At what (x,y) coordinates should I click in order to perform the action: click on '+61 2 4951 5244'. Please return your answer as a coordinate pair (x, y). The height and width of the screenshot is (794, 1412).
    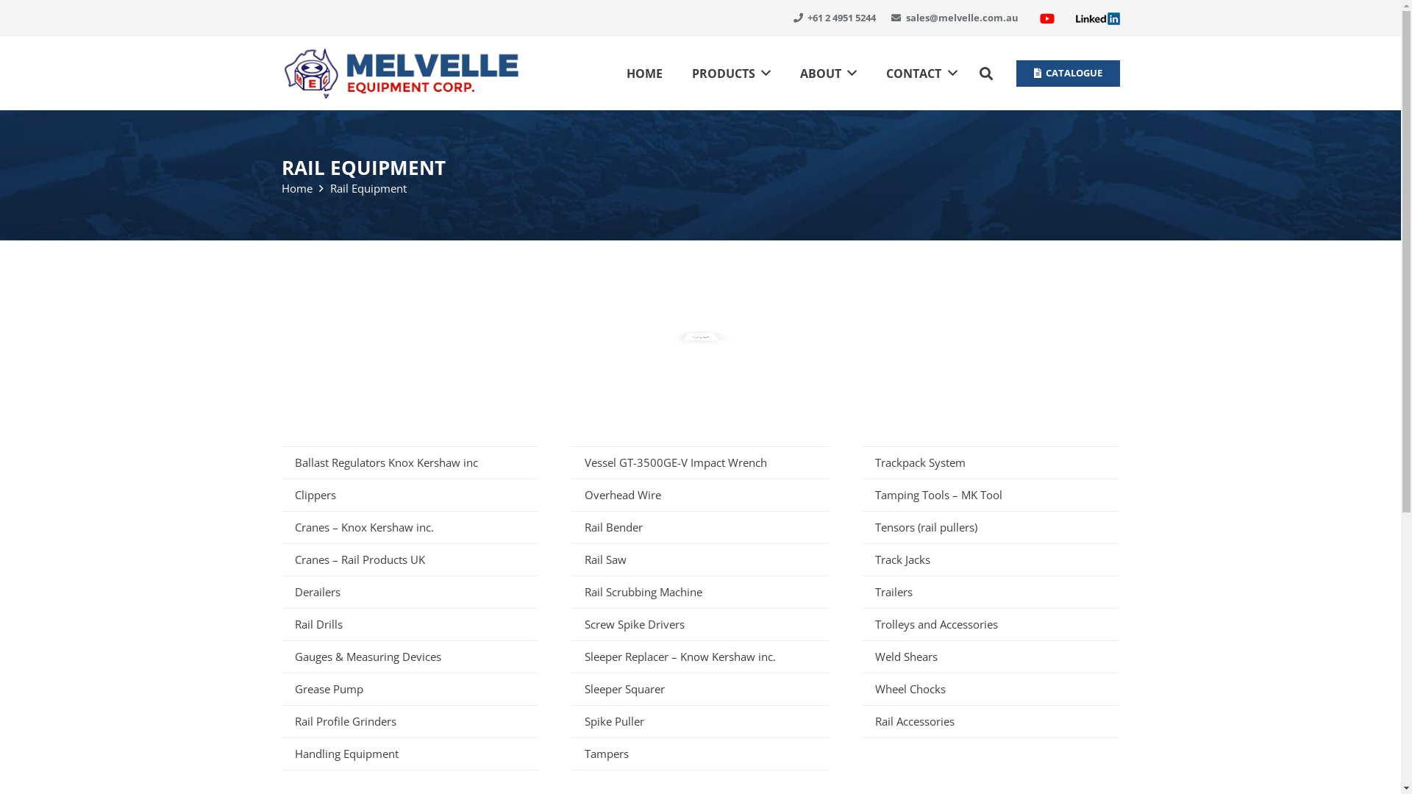
    Looking at the image, I should click on (834, 17).